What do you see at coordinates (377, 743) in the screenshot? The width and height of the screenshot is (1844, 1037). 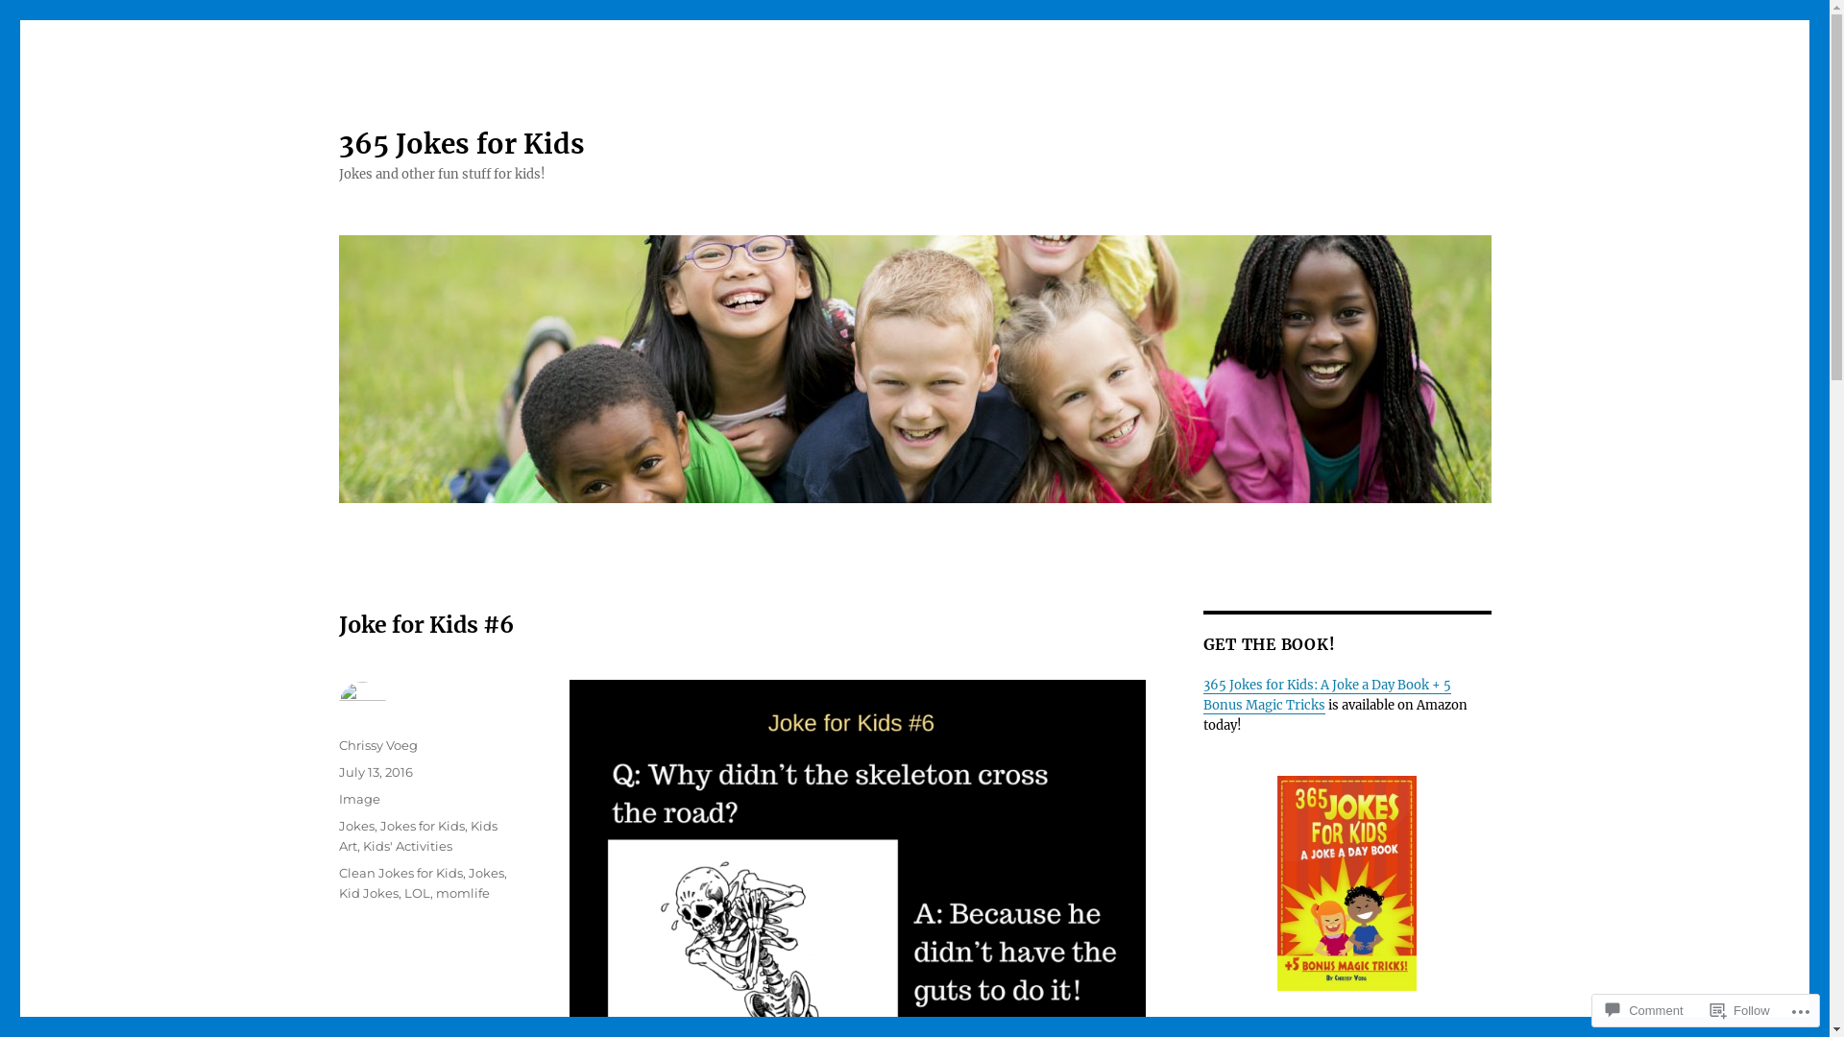 I see `'Chrissy Voeg'` at bounding box center [377, 743].